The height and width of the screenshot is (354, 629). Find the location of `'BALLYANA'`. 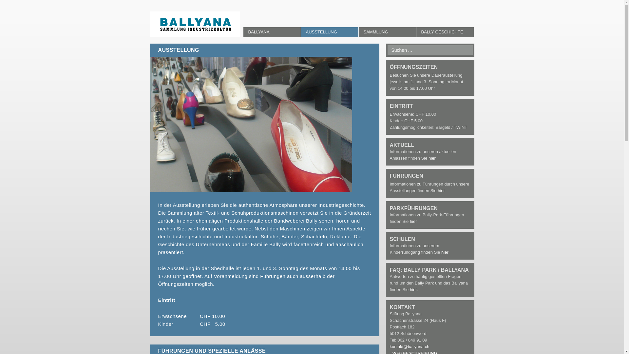

'BALLYANA' is located at coordinates (272, 32).